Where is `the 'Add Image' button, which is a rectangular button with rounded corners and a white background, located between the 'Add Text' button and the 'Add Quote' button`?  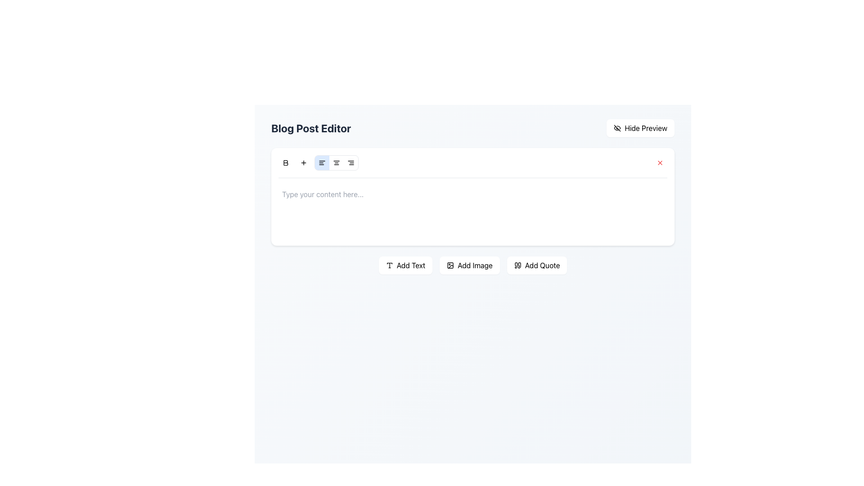
the 'Add Image' button, which is a rectangular button with rounded corners and a white background, located between the 'Add Text' button and the 'Add Quote' button is located at coordinates (469, 265).